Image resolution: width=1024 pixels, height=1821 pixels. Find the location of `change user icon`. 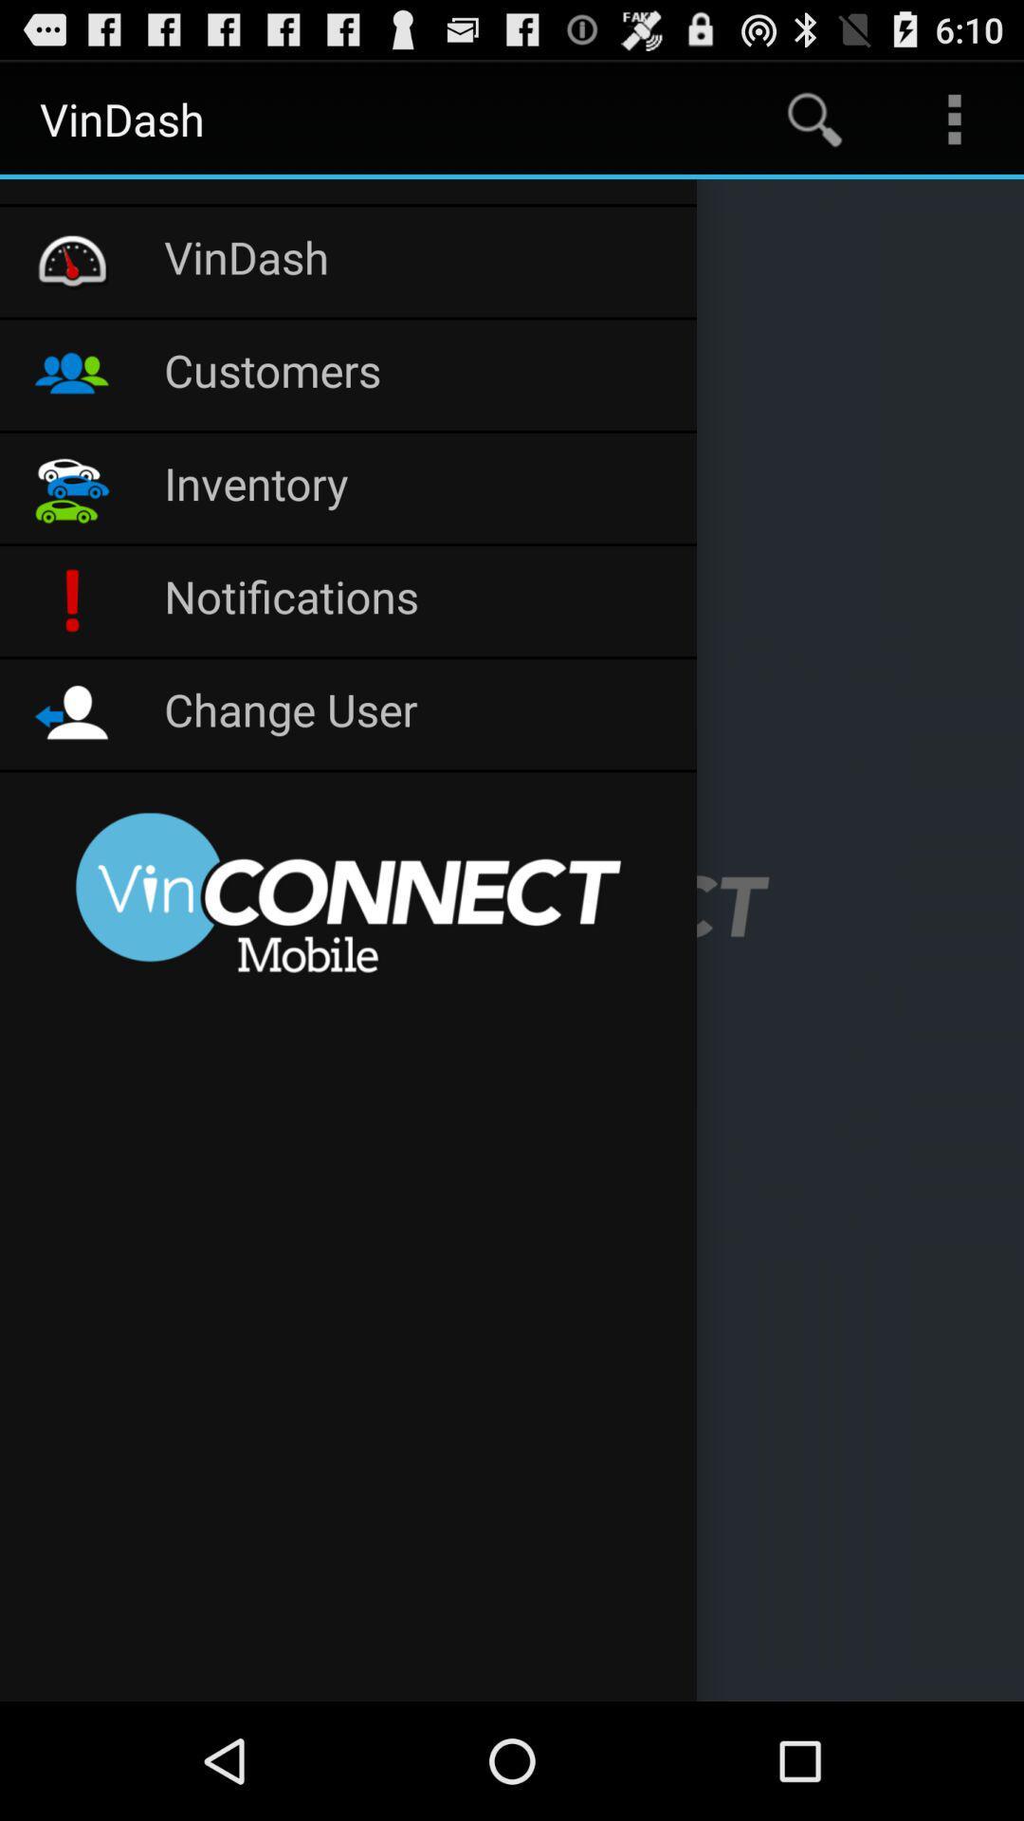

change user icon is located at coordinates (419, 713).